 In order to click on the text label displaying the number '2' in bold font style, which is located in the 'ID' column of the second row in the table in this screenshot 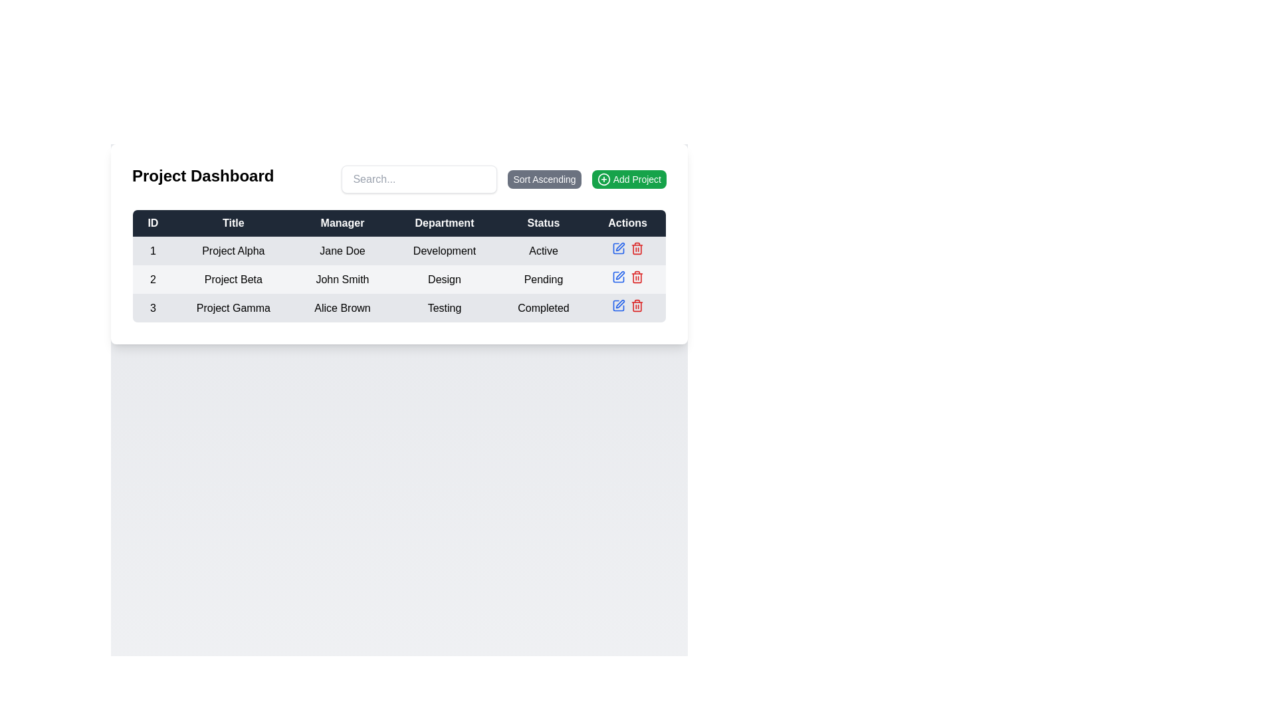, I will do `click(153, 279)`.